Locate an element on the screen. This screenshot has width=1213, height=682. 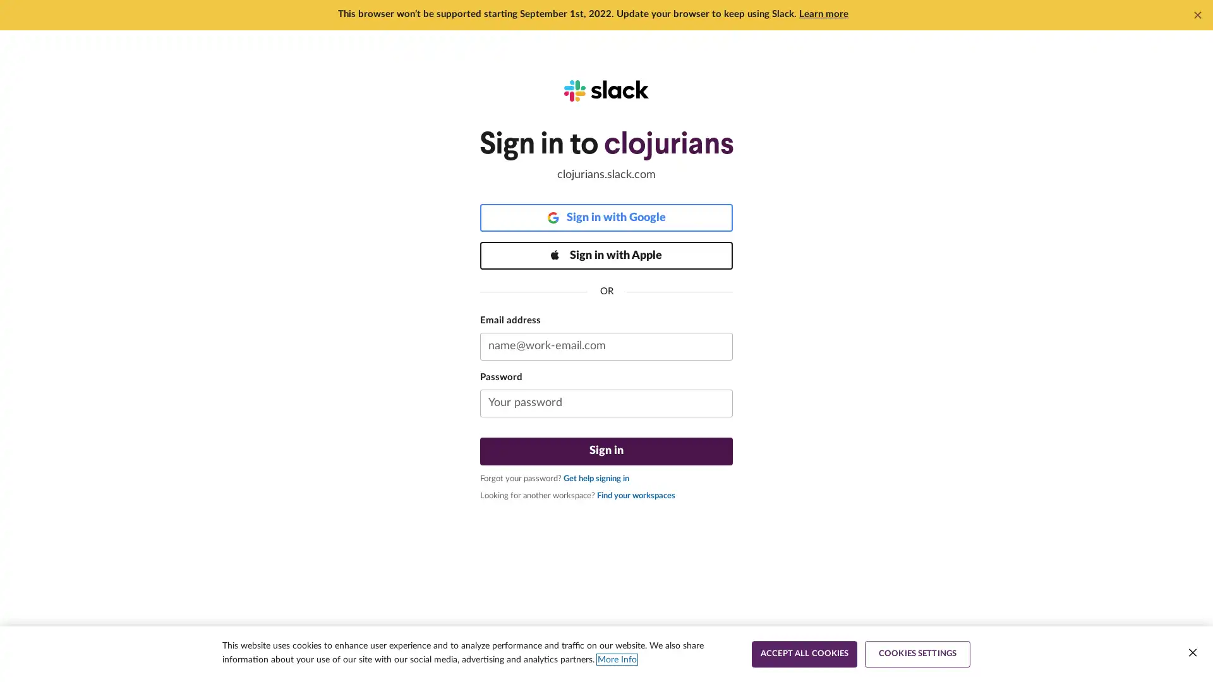
Sign in is located at coordinates (606, 450).